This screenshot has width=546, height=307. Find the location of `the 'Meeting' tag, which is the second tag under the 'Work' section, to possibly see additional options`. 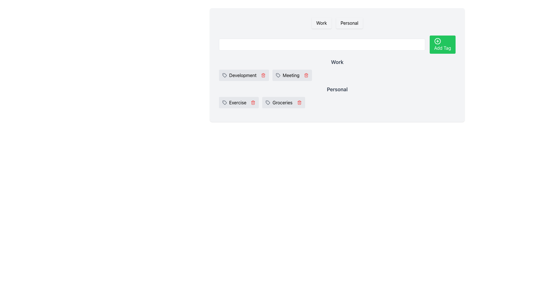

the 'Meeting' tag, which is the second tag under the 'Work' section, to possibly see additional options is located at coordinates (292, 75).